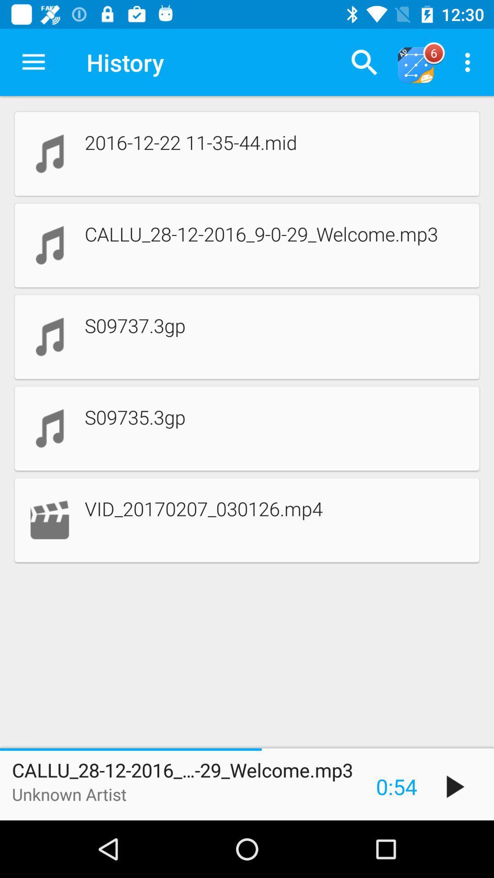 The image size is (494, 878). What do you see at coordinates (455, 786) in the screenshot?
I see `the play icon` at bounding box center [455, 786].